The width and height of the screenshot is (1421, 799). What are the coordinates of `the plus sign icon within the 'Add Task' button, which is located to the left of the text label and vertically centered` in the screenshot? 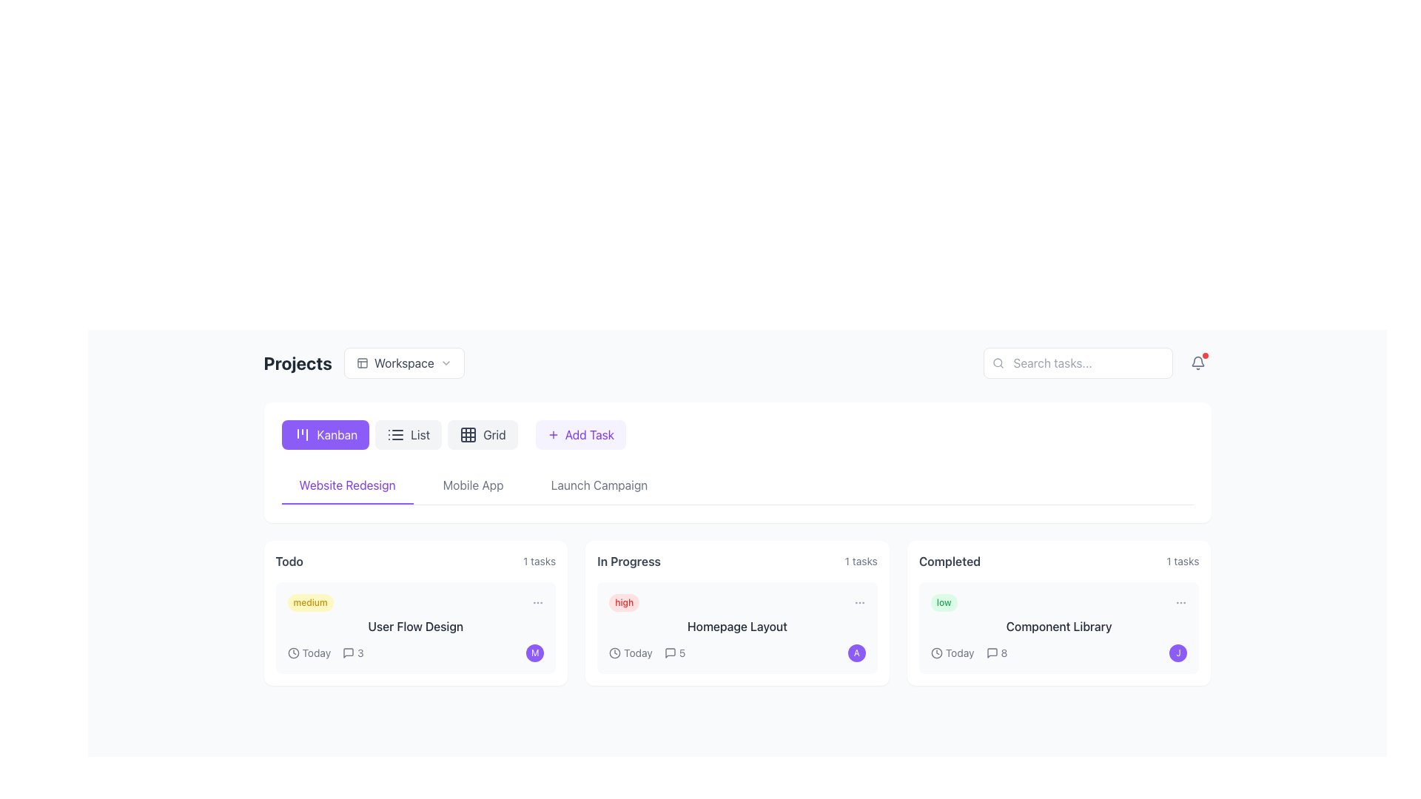 It's located at (552, 434).